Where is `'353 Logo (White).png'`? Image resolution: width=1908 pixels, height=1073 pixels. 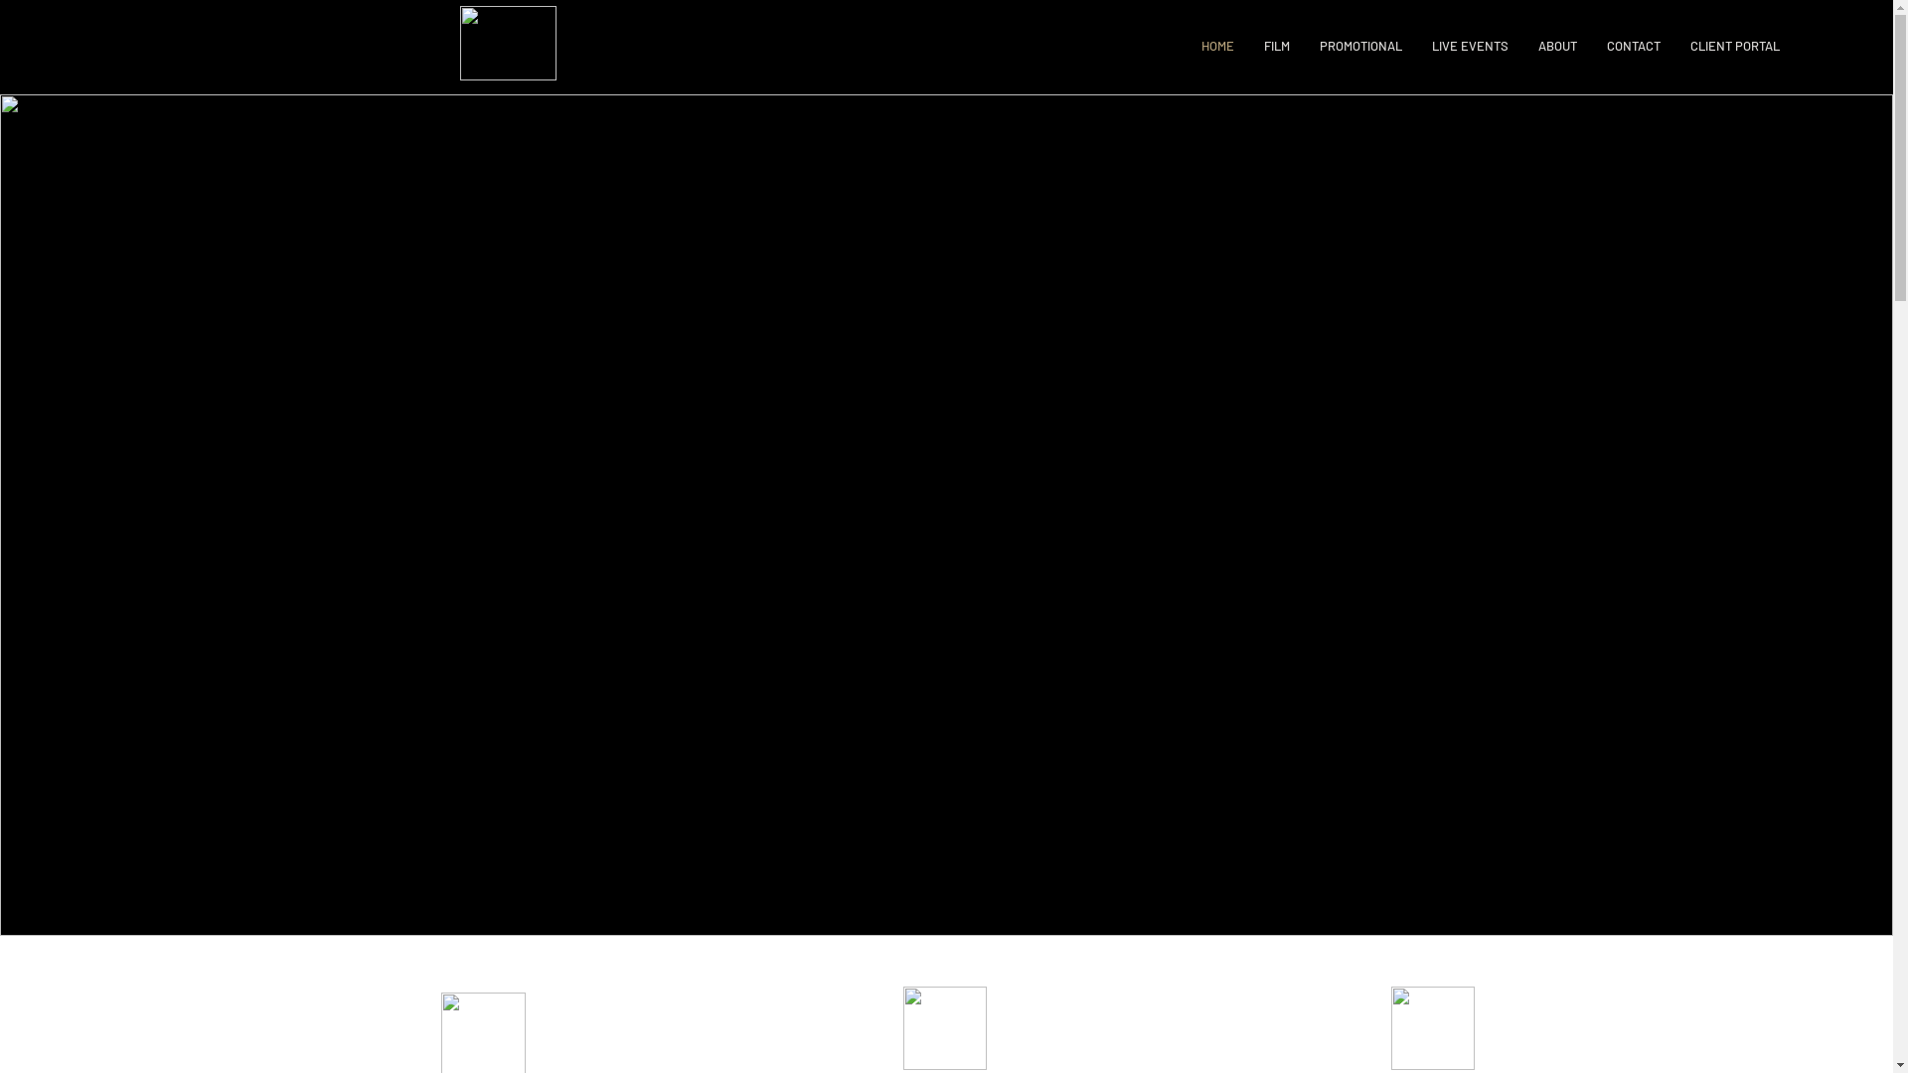
'353 Logo (White).png' is located at coordinates (507, 43).